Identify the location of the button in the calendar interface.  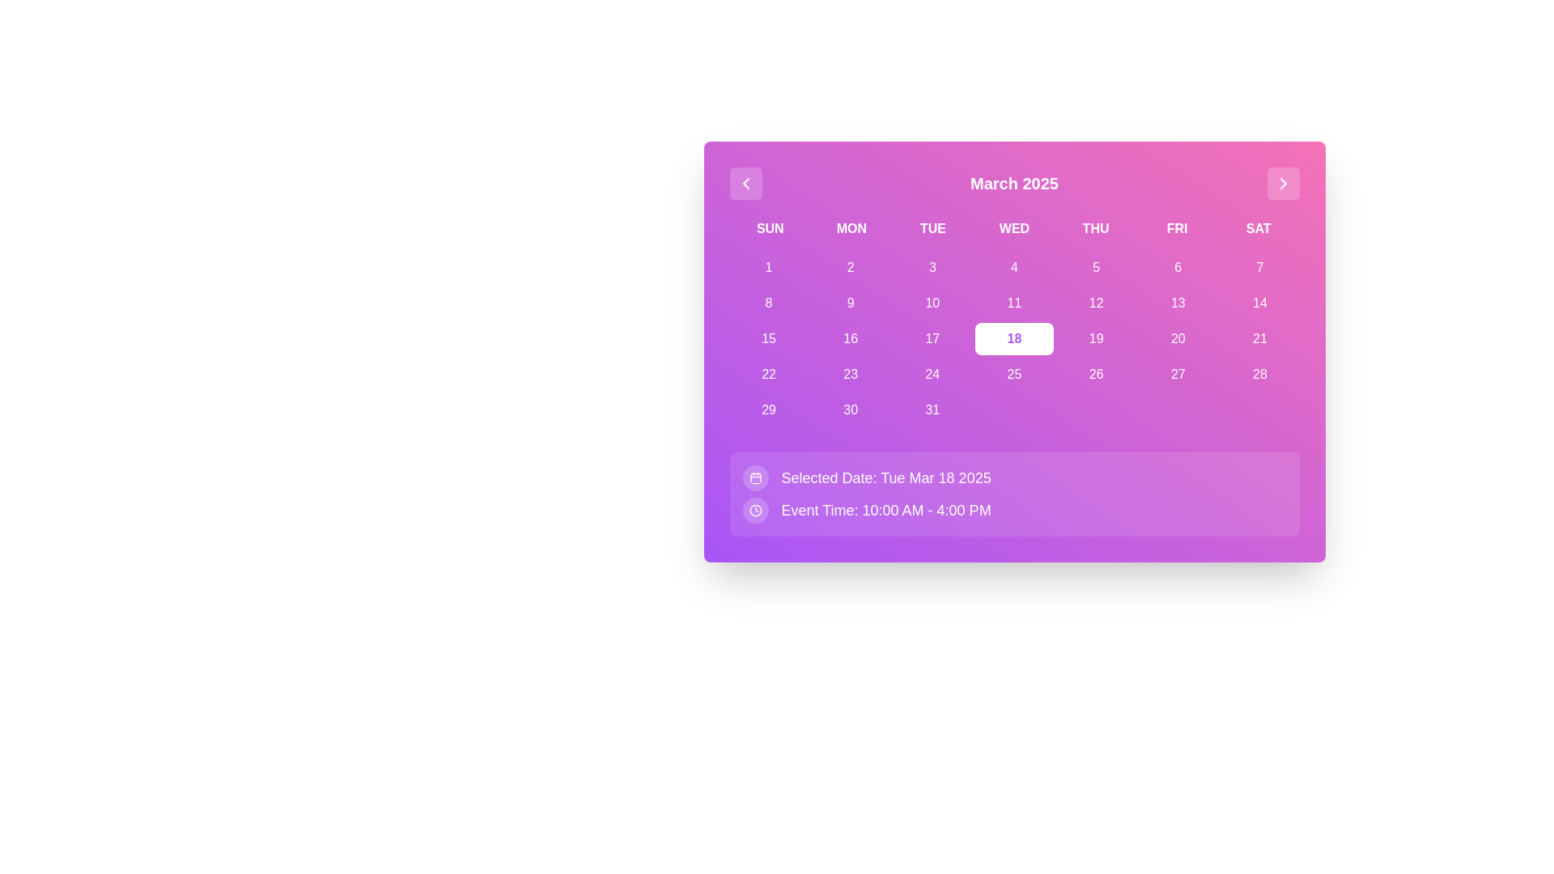
(932, 338).